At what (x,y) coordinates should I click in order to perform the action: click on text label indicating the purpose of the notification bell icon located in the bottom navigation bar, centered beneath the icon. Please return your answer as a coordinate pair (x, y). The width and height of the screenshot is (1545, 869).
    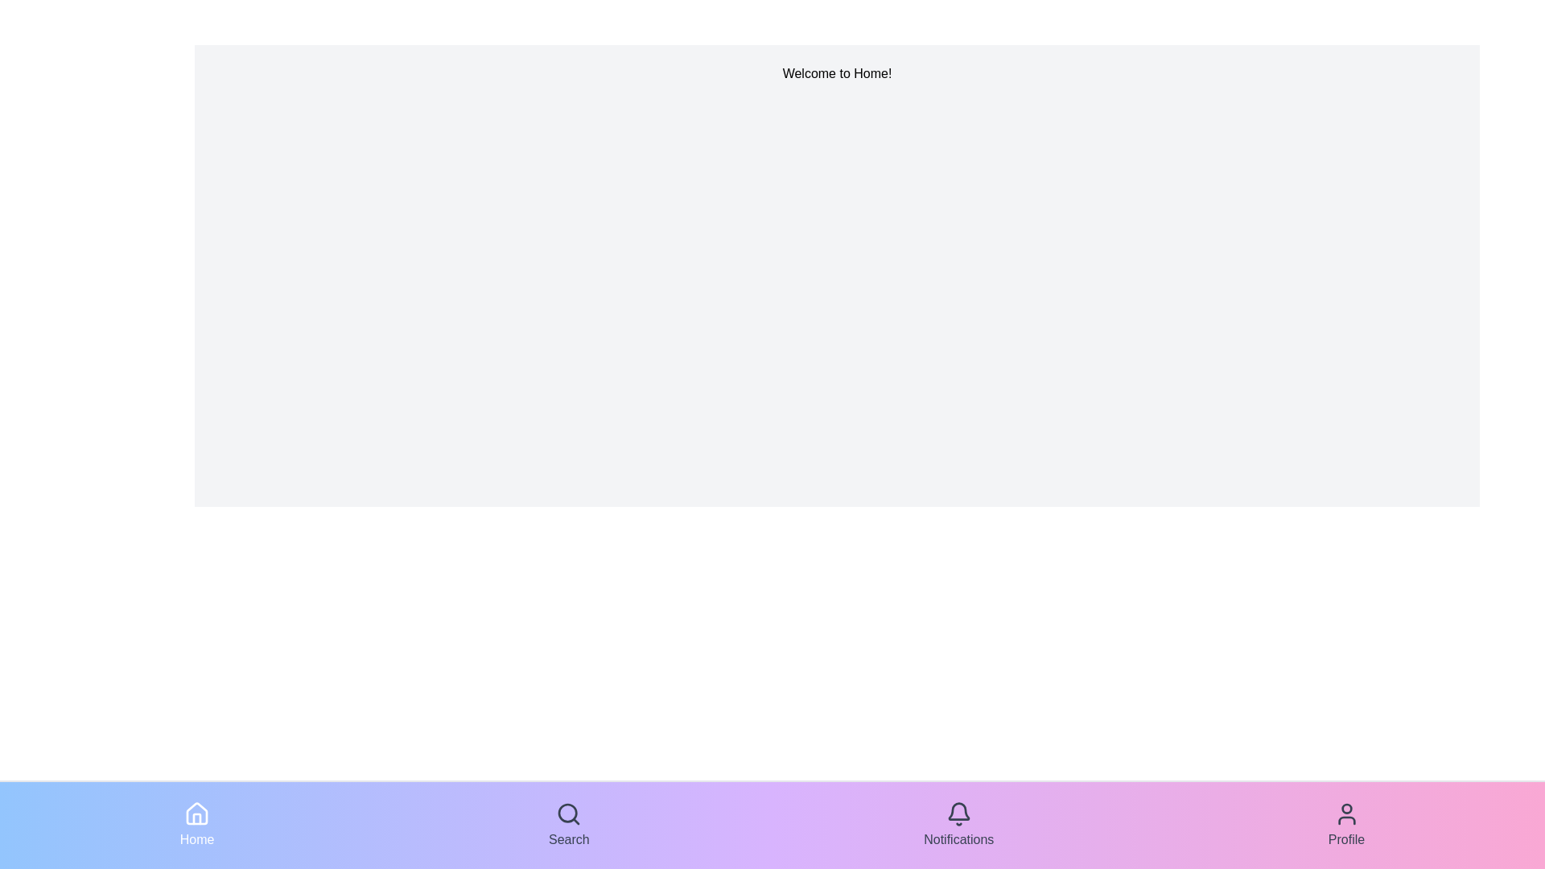
    Looking at the image, I should click on (958, 839).